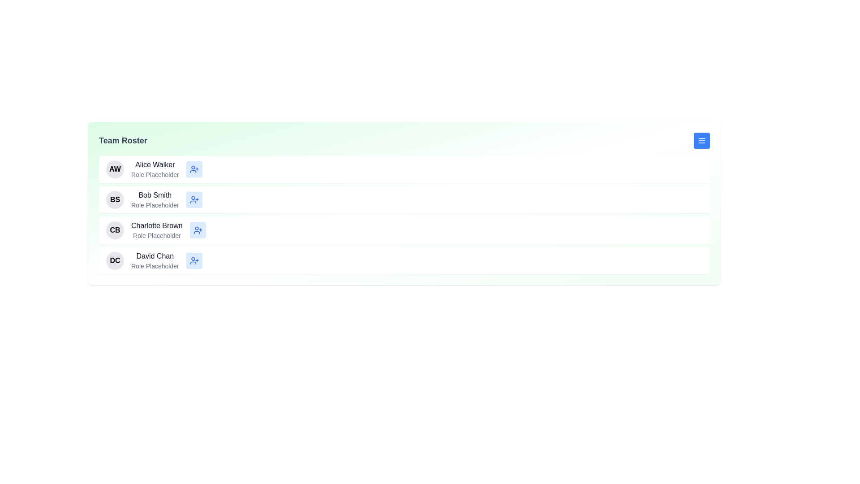 Image resolution: width=860 pixels, height=484 pixels. Describe the element at coordinates (155, 164) in the screenshot. I see `displayed text 'Alice Walker' from the first text label in the 'Team Roster' section, which is in bold gray style and positioned above 'Role Placeholder'` at that location.